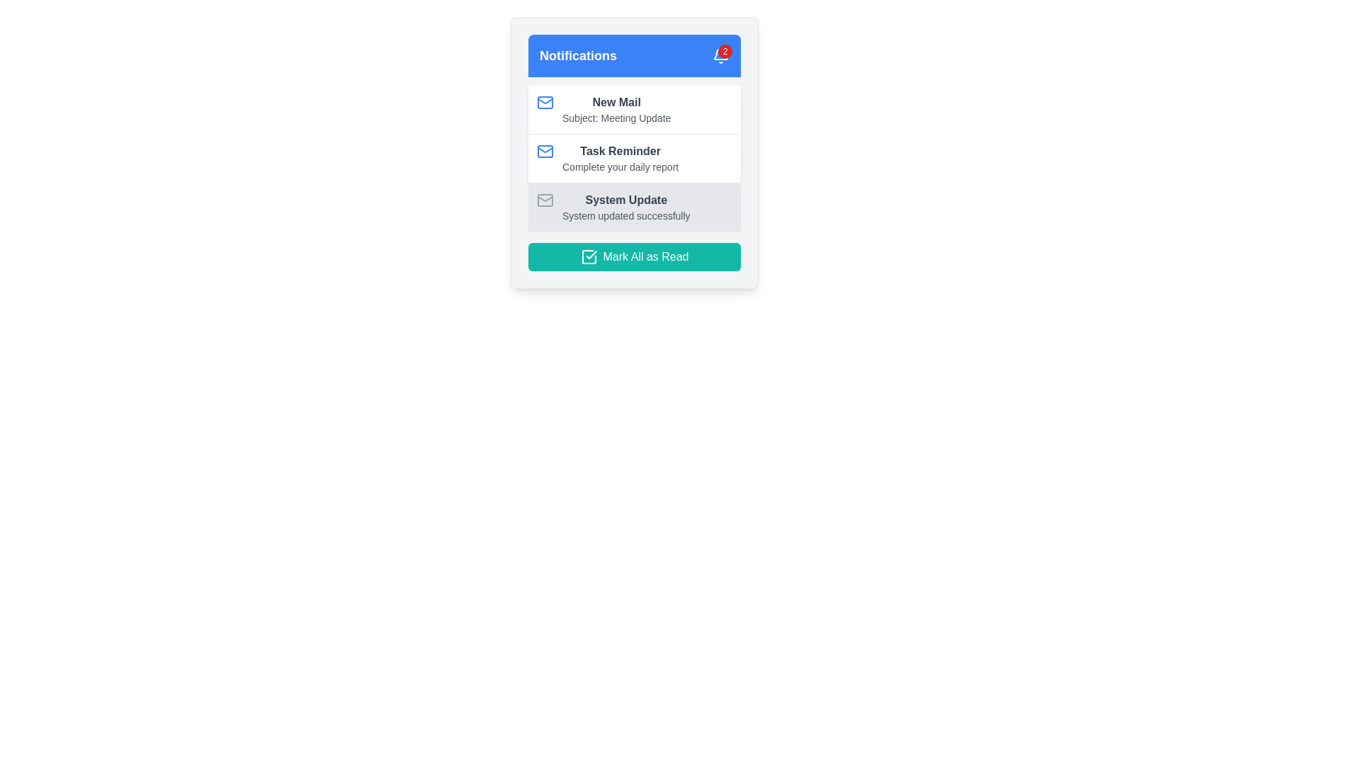 The height and width of the screenshot is (765, 1360). Describe the element at coordinates (634, 158) in the screenshot. I see `the second notification item in the notification list that provides a task reminder message, located between 'New Mail' and 'System Update'` at that location.